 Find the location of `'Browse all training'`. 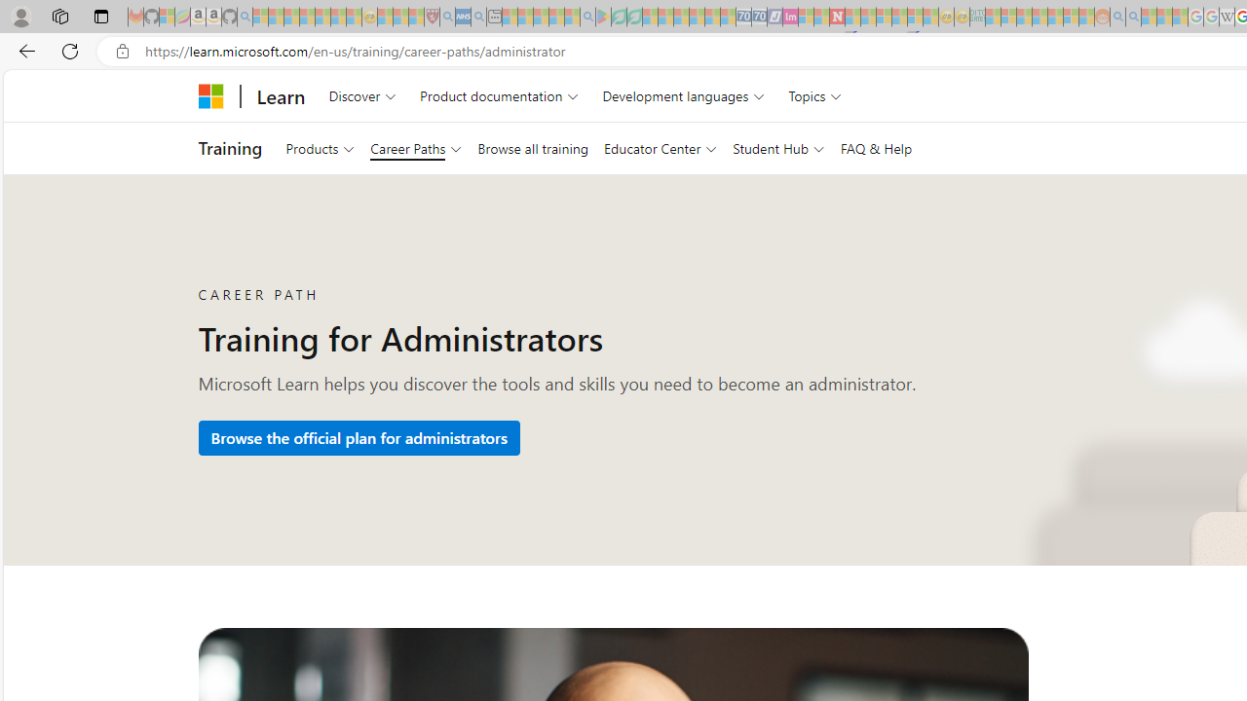

'Browse all training' is located at coordinates (533, 147).